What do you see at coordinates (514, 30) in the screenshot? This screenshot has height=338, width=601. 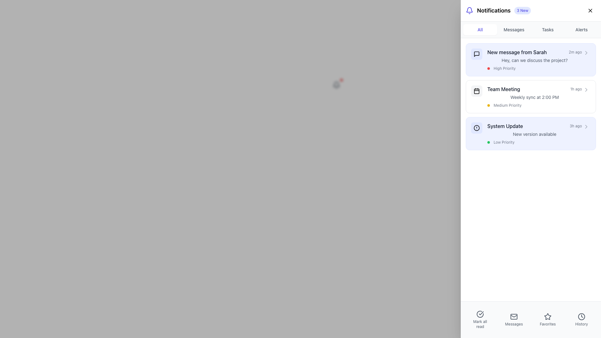 I see `the 'Messages' tab, which is the second tab in the tab group at the top of the side panel` at bounding box center [514, 30].